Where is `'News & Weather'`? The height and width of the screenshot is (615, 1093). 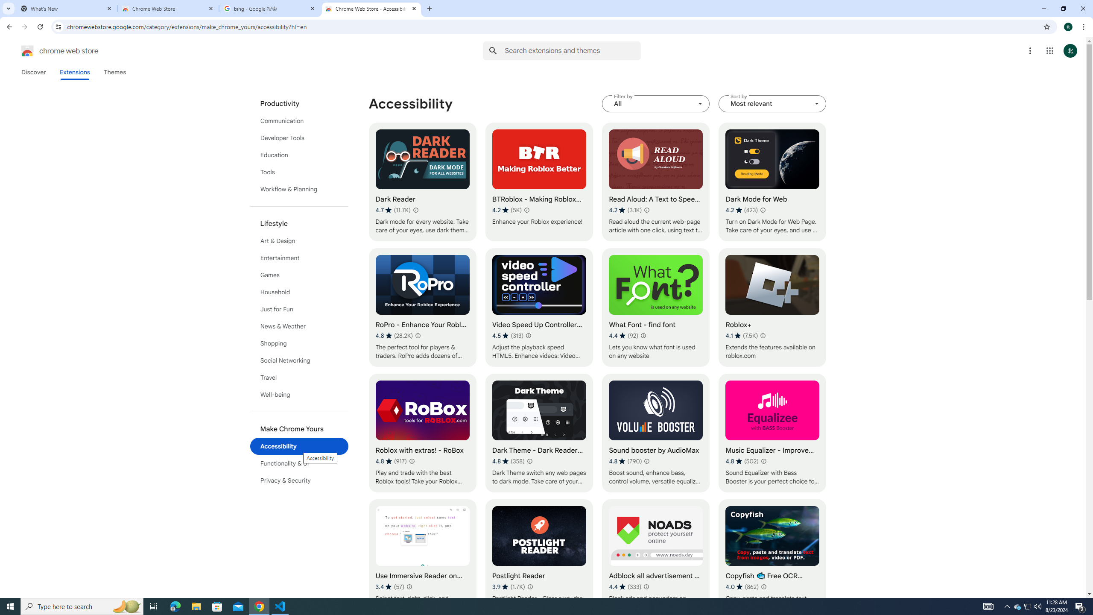 'News & Weather' is located at coordinates (299, 325).